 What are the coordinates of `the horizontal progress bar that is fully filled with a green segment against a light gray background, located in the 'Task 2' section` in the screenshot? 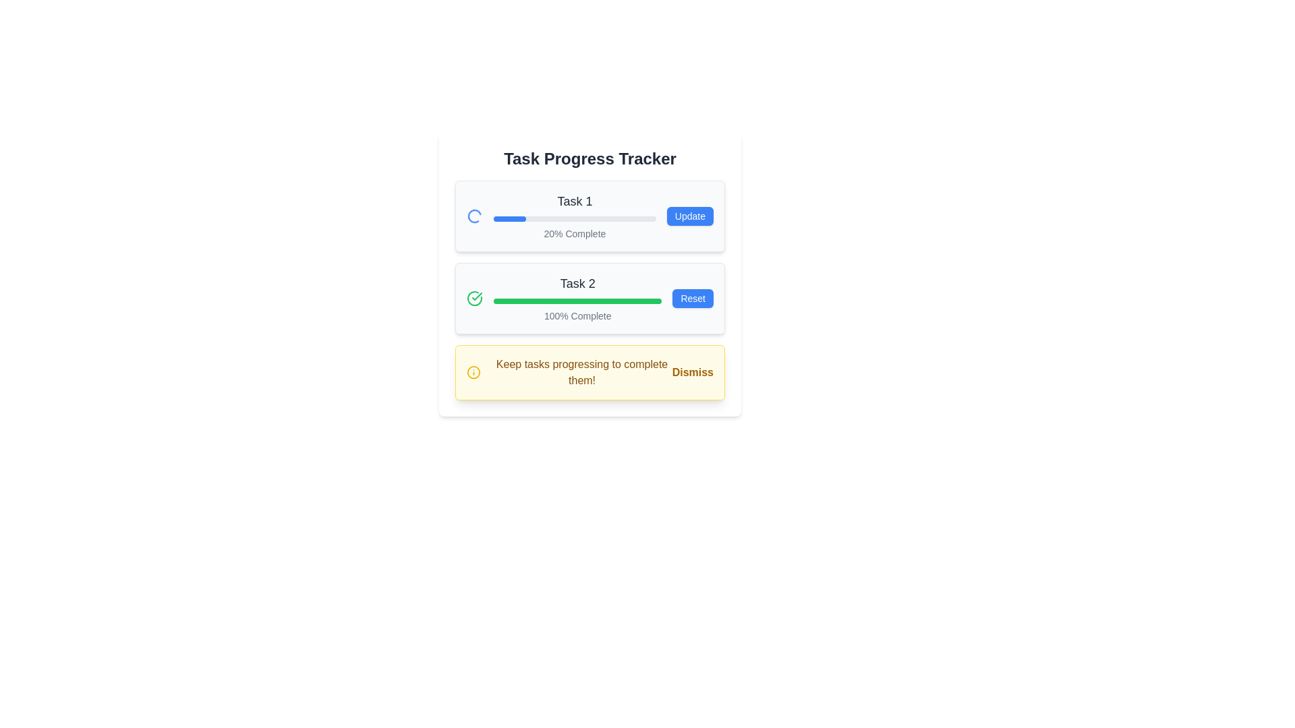 It's located at (577, 301).